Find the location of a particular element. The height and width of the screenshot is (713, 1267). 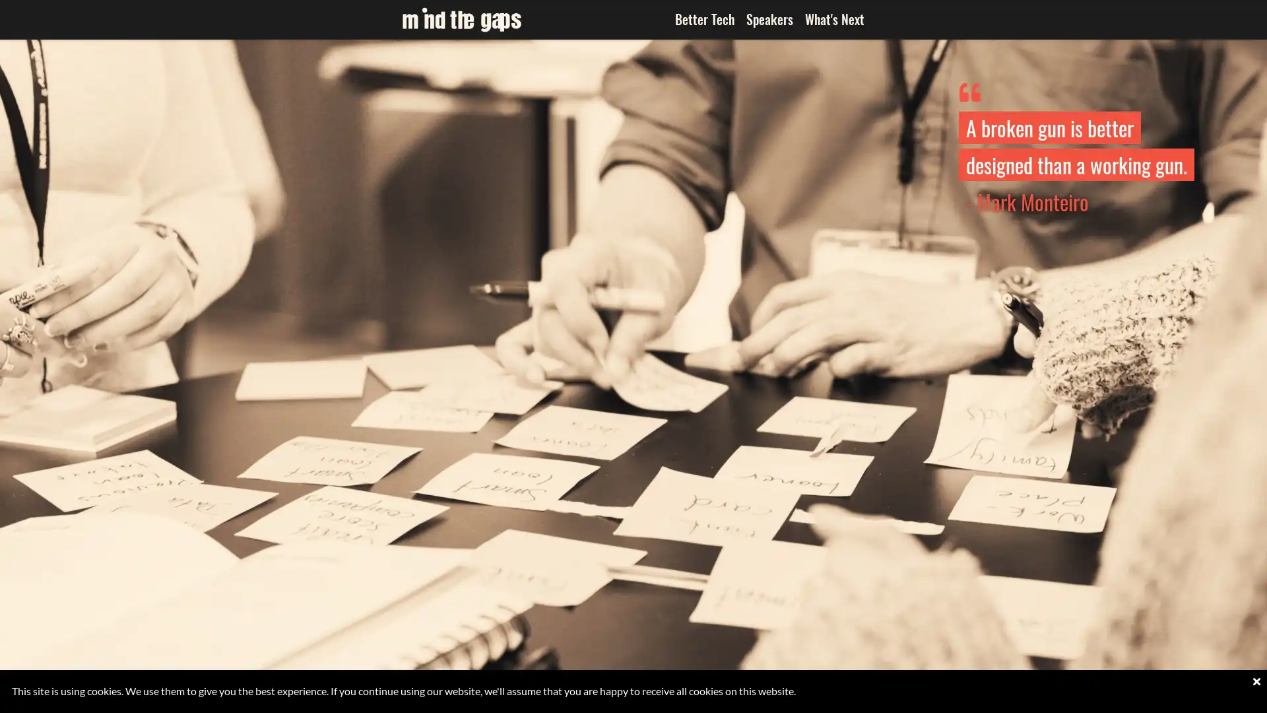

2 is located at coordinates (613, 698).